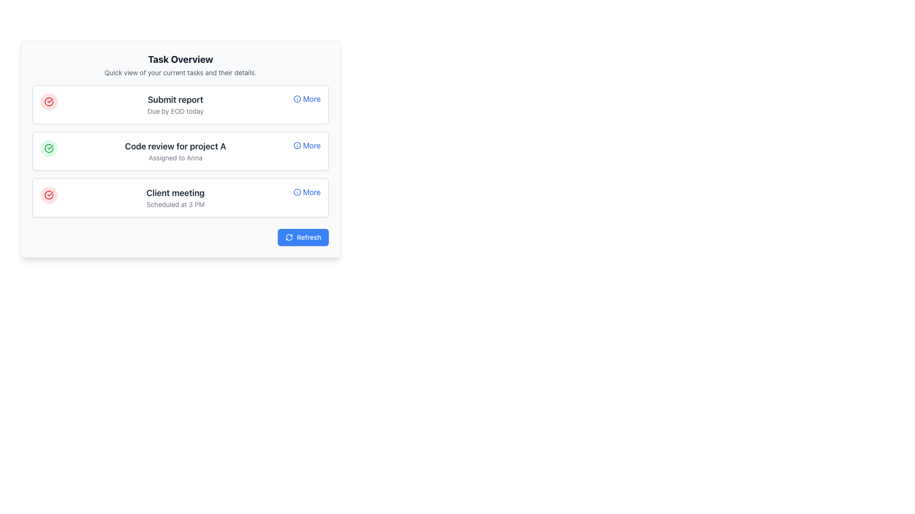  What do you see at coordinates (48, 101) in the screenshot?
I see `the visual indicator icon located at the leftmost side of the first row in the task list, adjacent to the 'Submit report' text label` at bounding box center [48, 101].